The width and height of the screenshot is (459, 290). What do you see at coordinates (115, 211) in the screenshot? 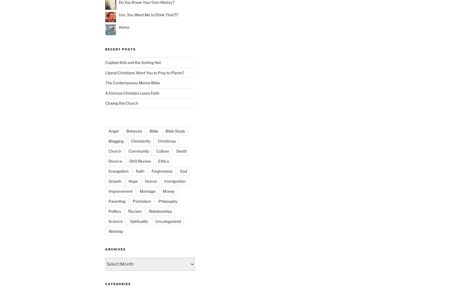
I see `'Politics'` at bounding box center [115, 211].